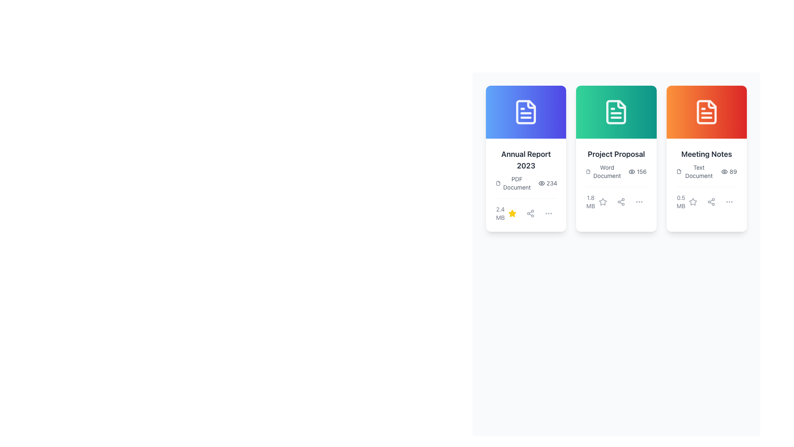 This screenshot has width=794, height=447. I want to click on the document icon located in the top-left corner of the 'Meeting Notes' card, which is the third card from the left, so click(679, 171).